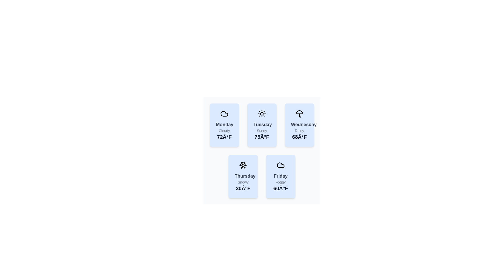 This screenshot has height=278, width=494. I want to click on the cloud-shaped vector graphic icon with a thin black stroke, part of the weather card labeled 'Friday Foggy 60°F', located at the bottom-right of the card, so click(280, 165).